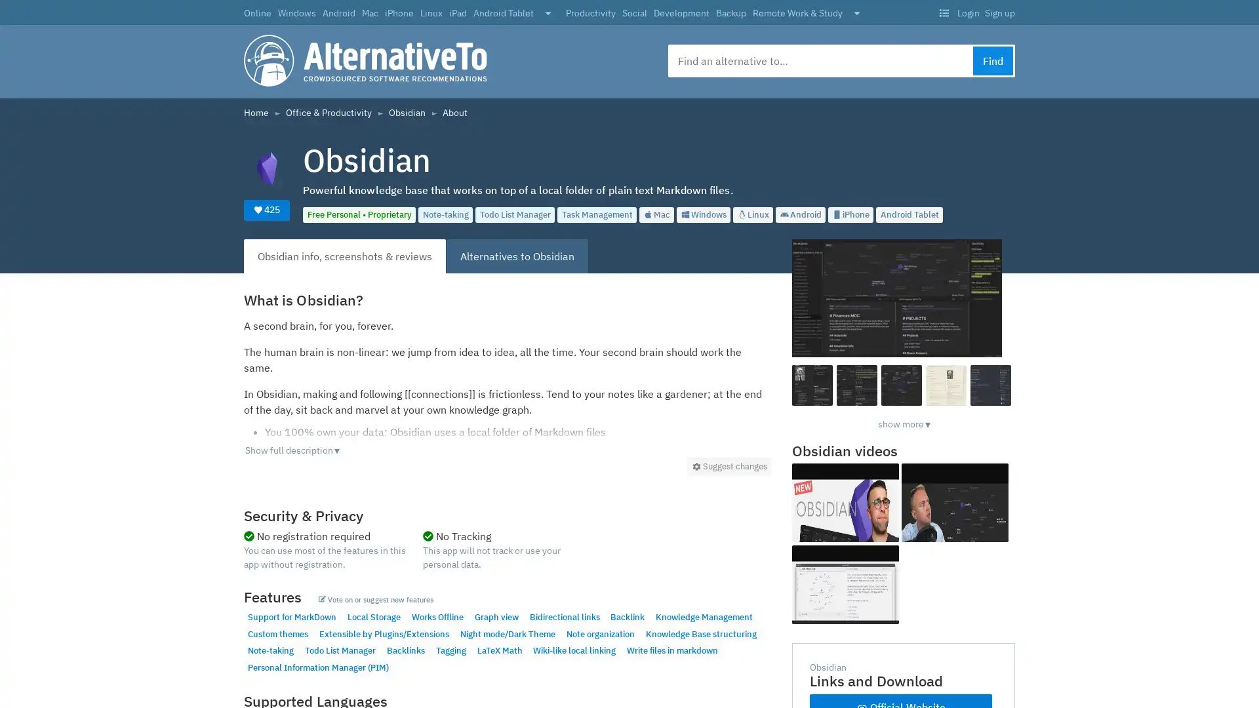  I want to click on Obsidian menu, so click(729, 465).